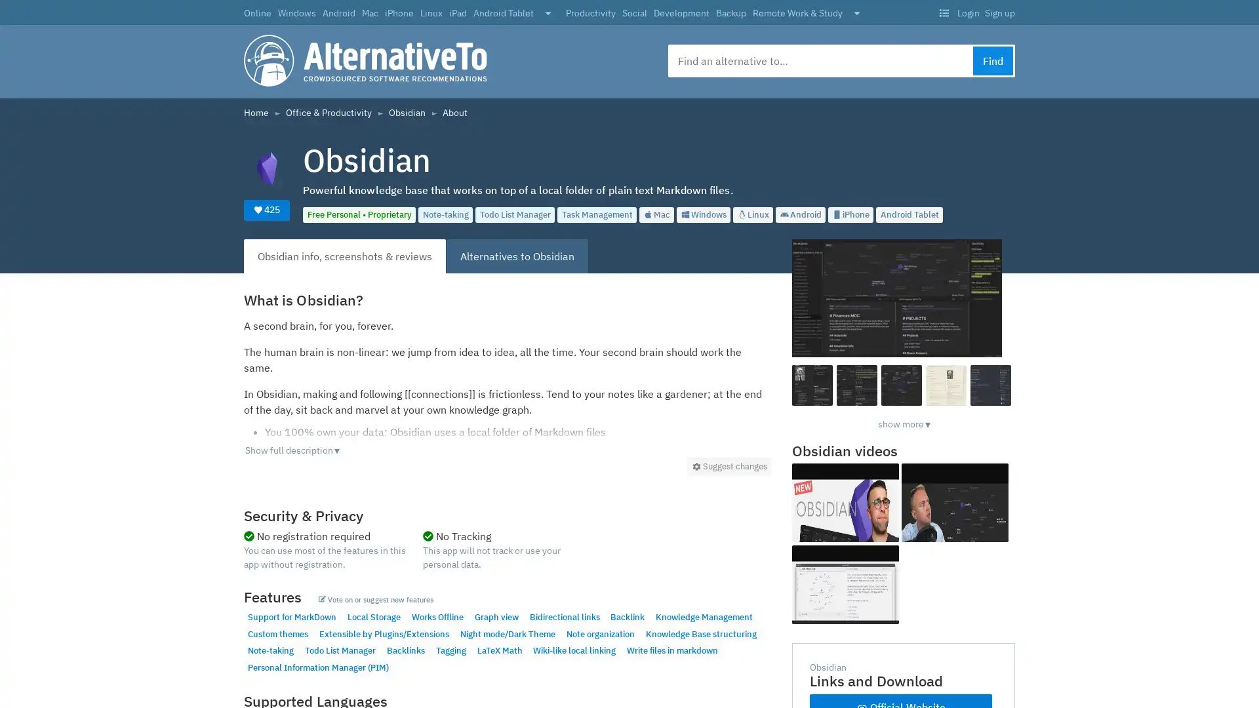  I want to click on Obsidian menu, so click(729, 465).